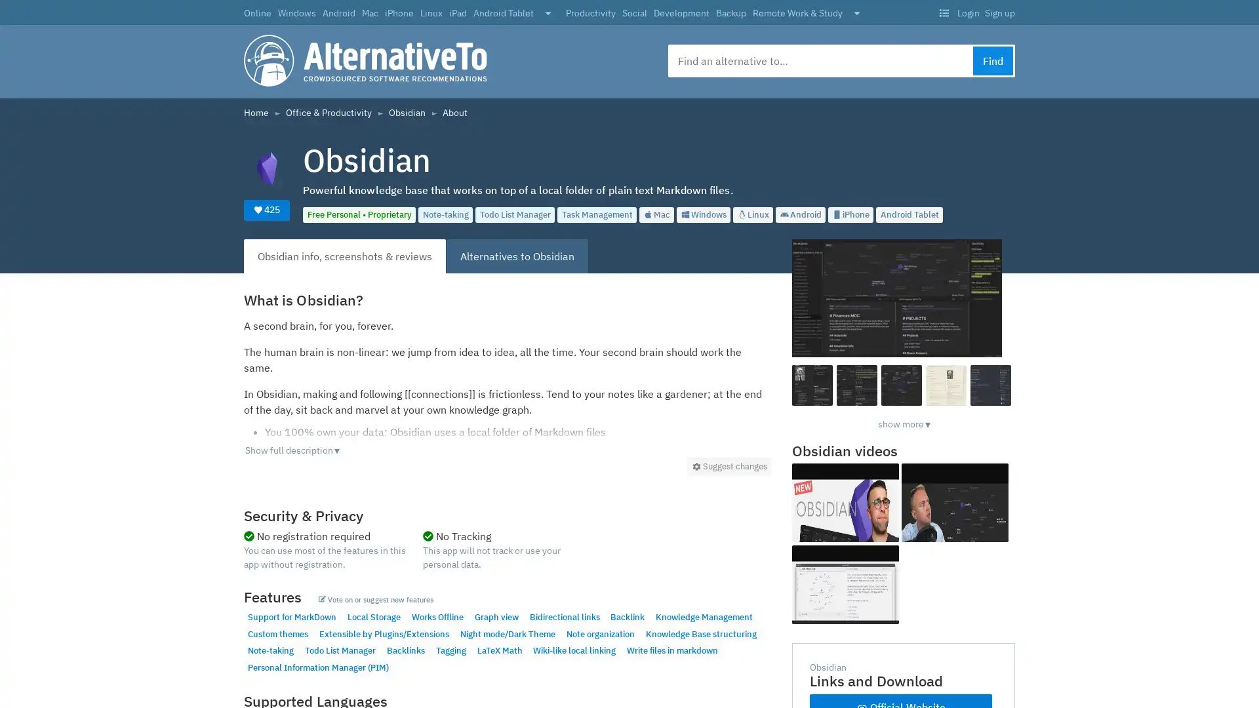  I want to click on Obsidian menu, so click(729, 465).